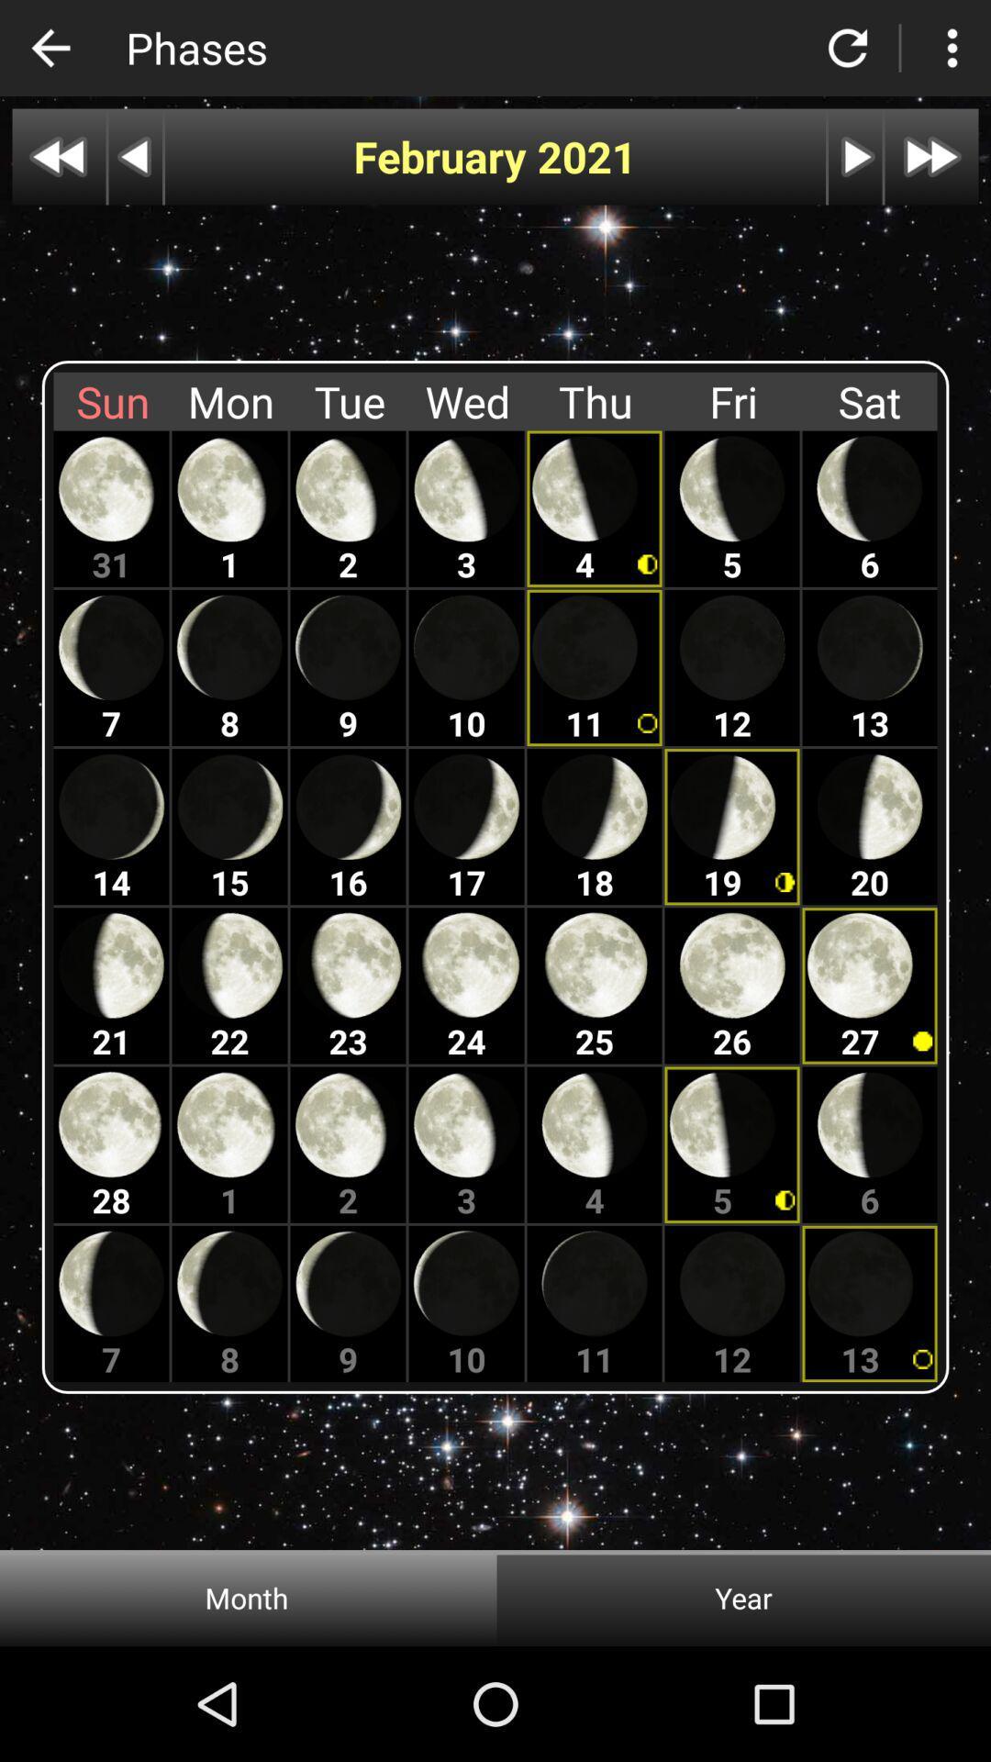 Image resolution: width=991 pixels, height=1762 pixels. What do you see at coordinates (134, 157) in the screenshot?
I see `go back` at bounding box center [134, 157].